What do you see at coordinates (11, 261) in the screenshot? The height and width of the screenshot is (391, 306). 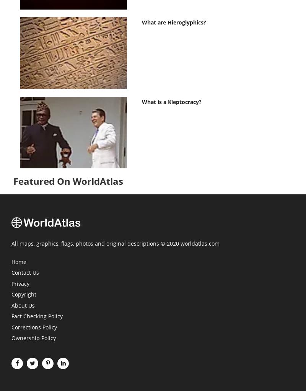 I see `'Home'` at bounding box center [11, 261].